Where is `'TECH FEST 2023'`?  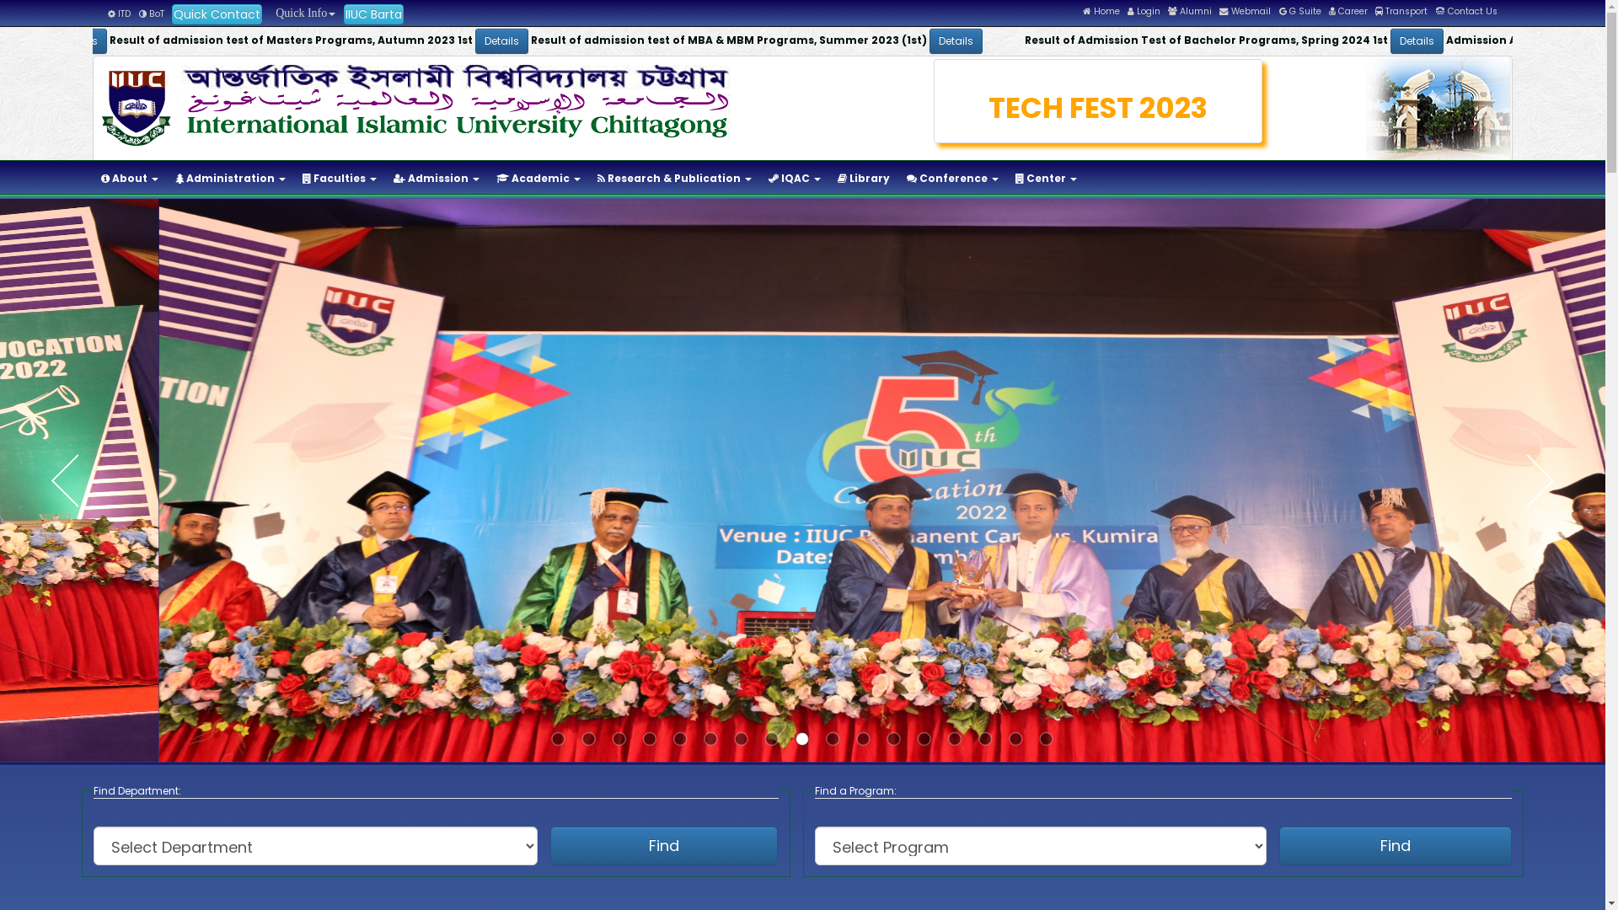 'TECH FEST 2023' is located at coordinates (1098, 108).